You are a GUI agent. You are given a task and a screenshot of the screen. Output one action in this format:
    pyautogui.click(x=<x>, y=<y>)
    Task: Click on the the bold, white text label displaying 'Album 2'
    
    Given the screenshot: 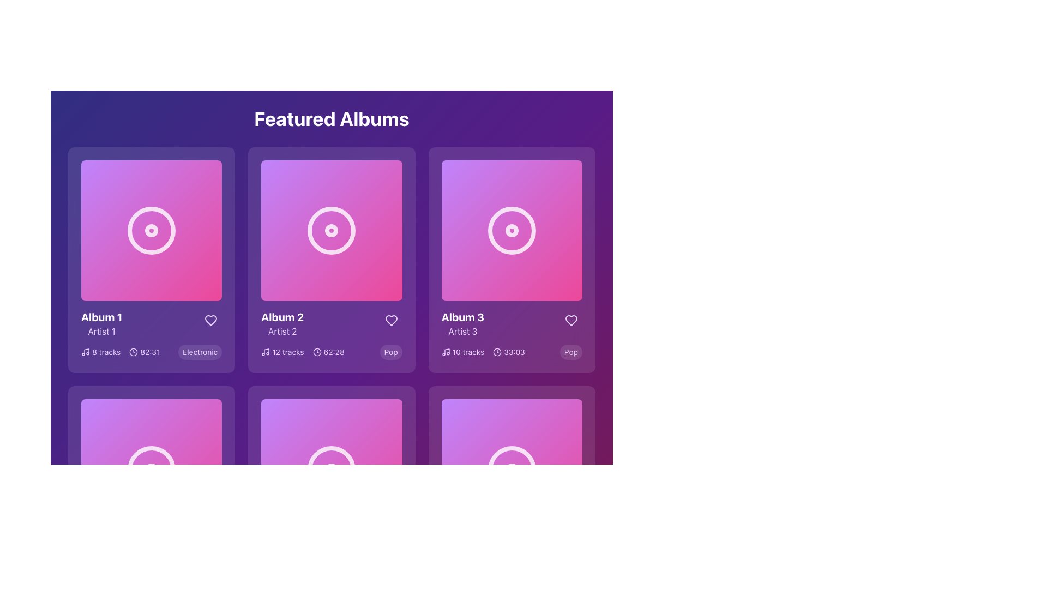 What is the action you would take?
    pyautogui.click(x=282, y=317)
    